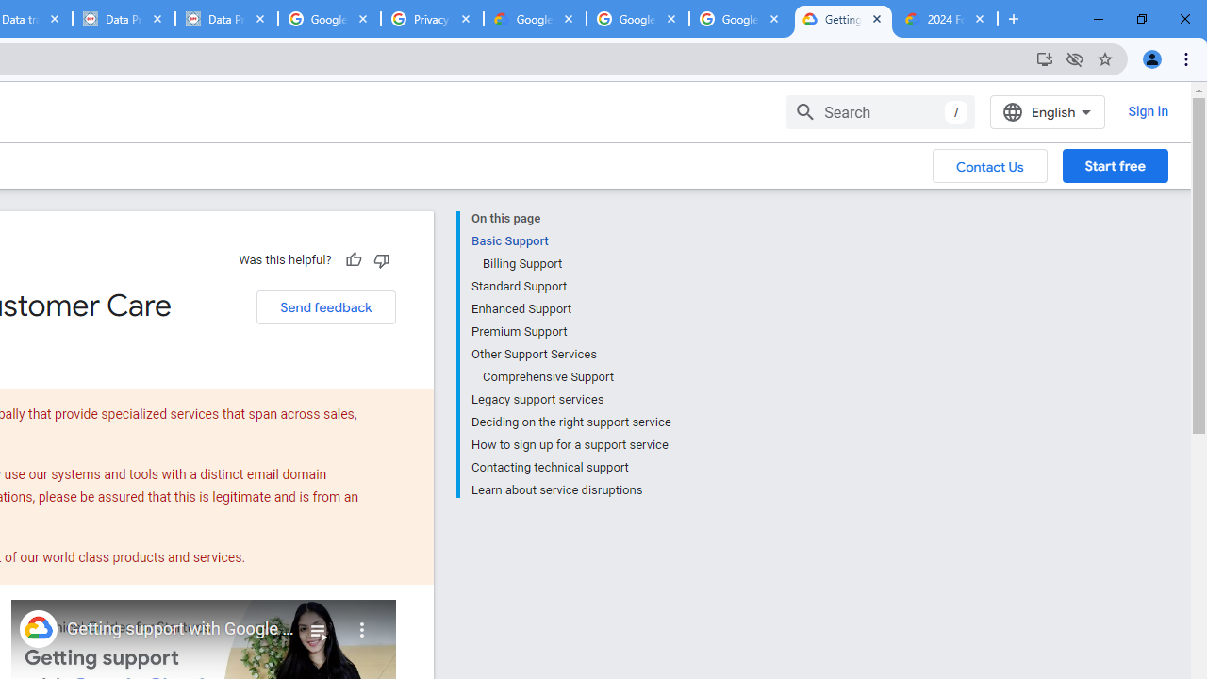 This screenshot has height=679, width=1207. I want to click on 'English', so click(1047, 111).